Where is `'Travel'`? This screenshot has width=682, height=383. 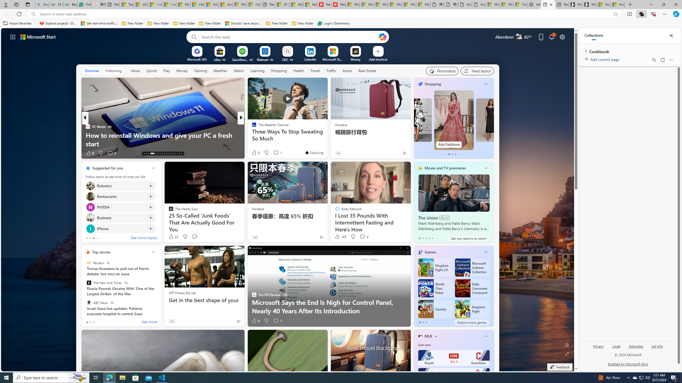 'Travel' is located at coordinates (315, 70).